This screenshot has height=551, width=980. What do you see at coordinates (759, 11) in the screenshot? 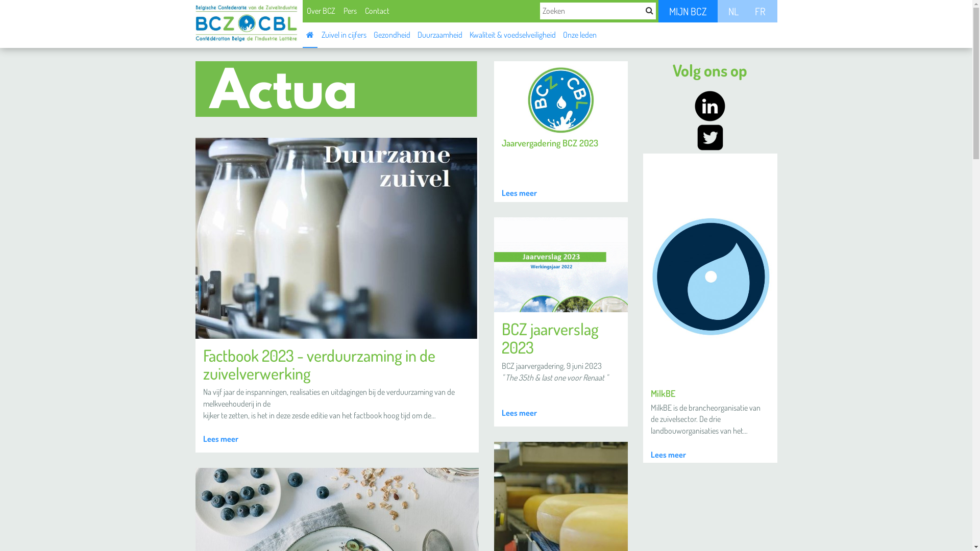
I see `'FR'` at bounding box center [759, 11].